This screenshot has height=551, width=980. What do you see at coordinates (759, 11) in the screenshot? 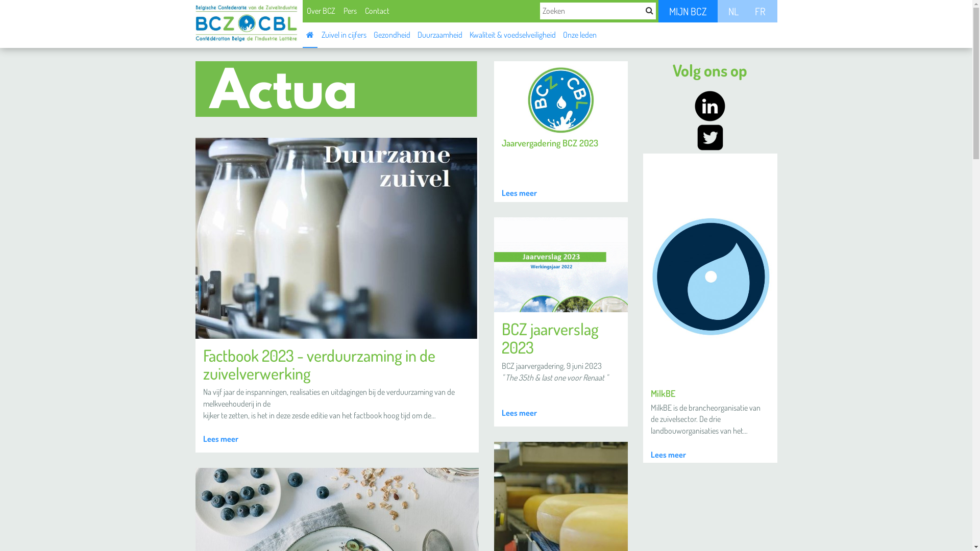
I see `'FR'` at bounding box center [759, 11].